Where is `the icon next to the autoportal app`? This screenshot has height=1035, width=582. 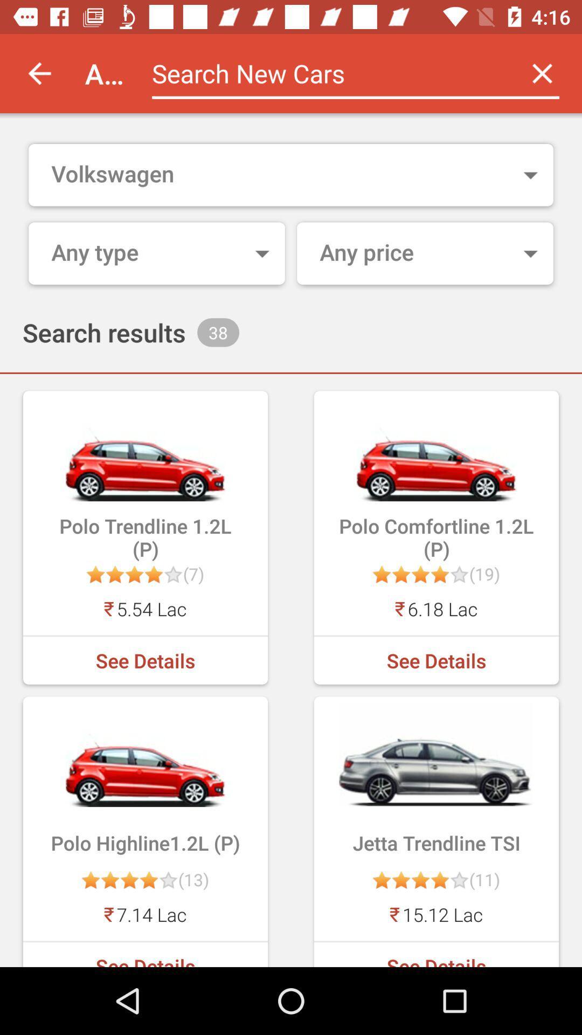 the icon next to the autoportal app is located at coordinates (39, 73).